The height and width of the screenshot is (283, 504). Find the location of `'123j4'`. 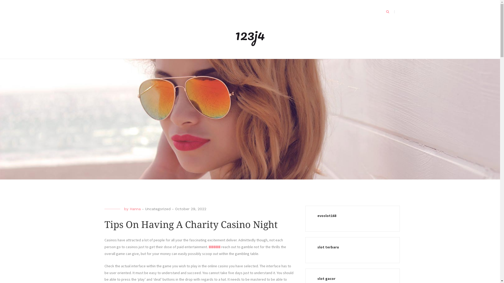

'123j4' is located at coordinates (250, 34).